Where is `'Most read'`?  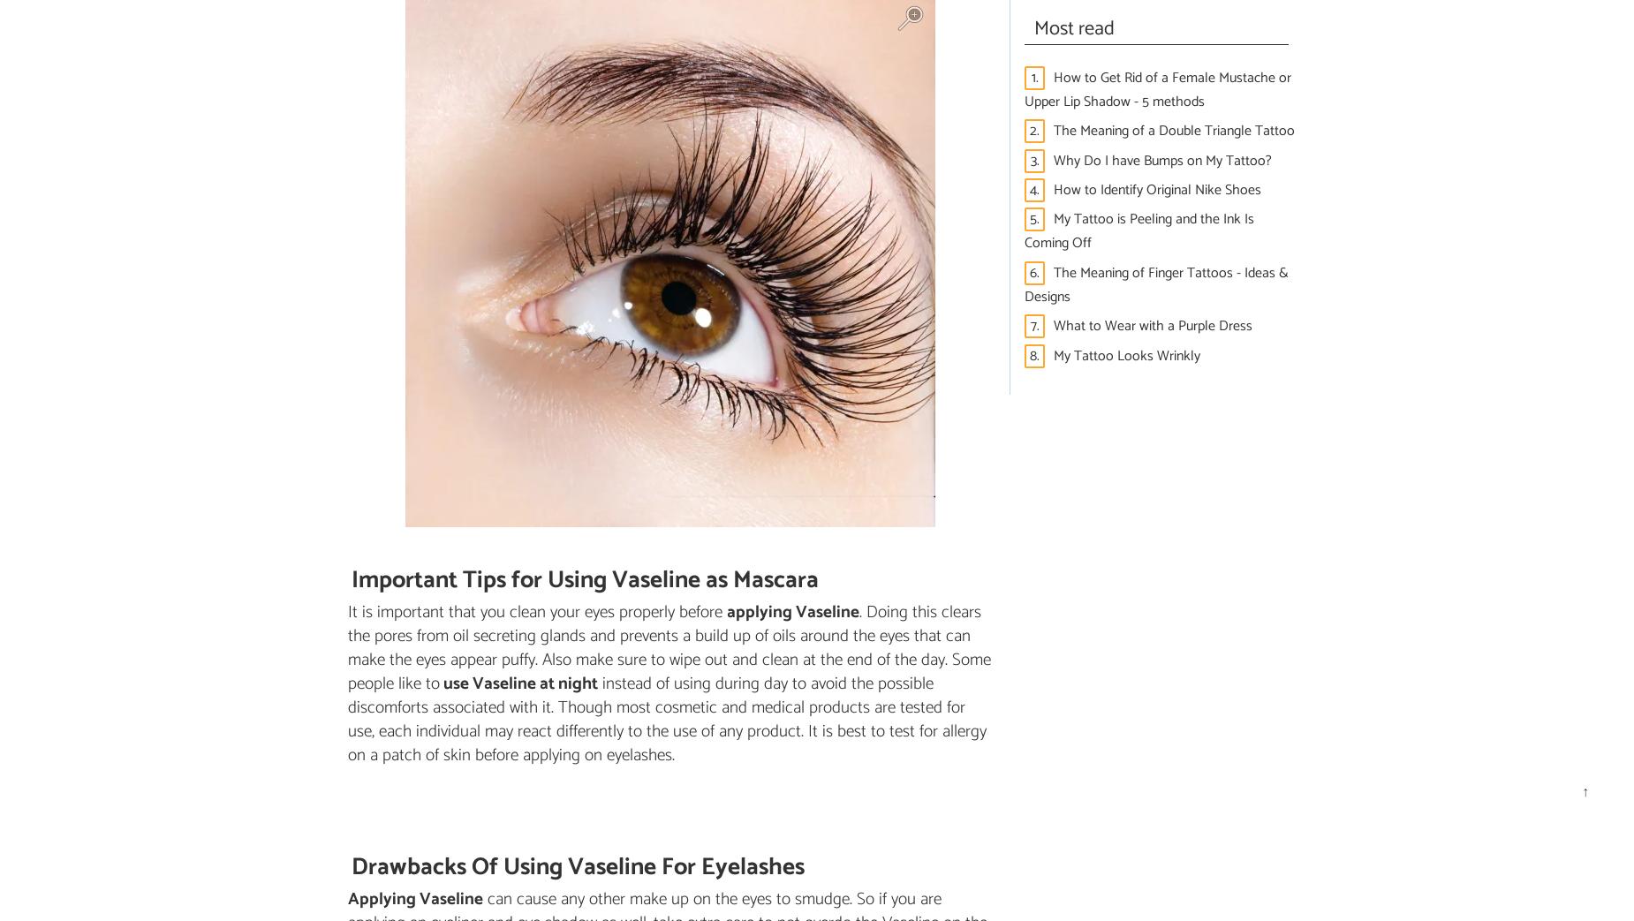 'Most read' is located at coordinates (1073, 26).